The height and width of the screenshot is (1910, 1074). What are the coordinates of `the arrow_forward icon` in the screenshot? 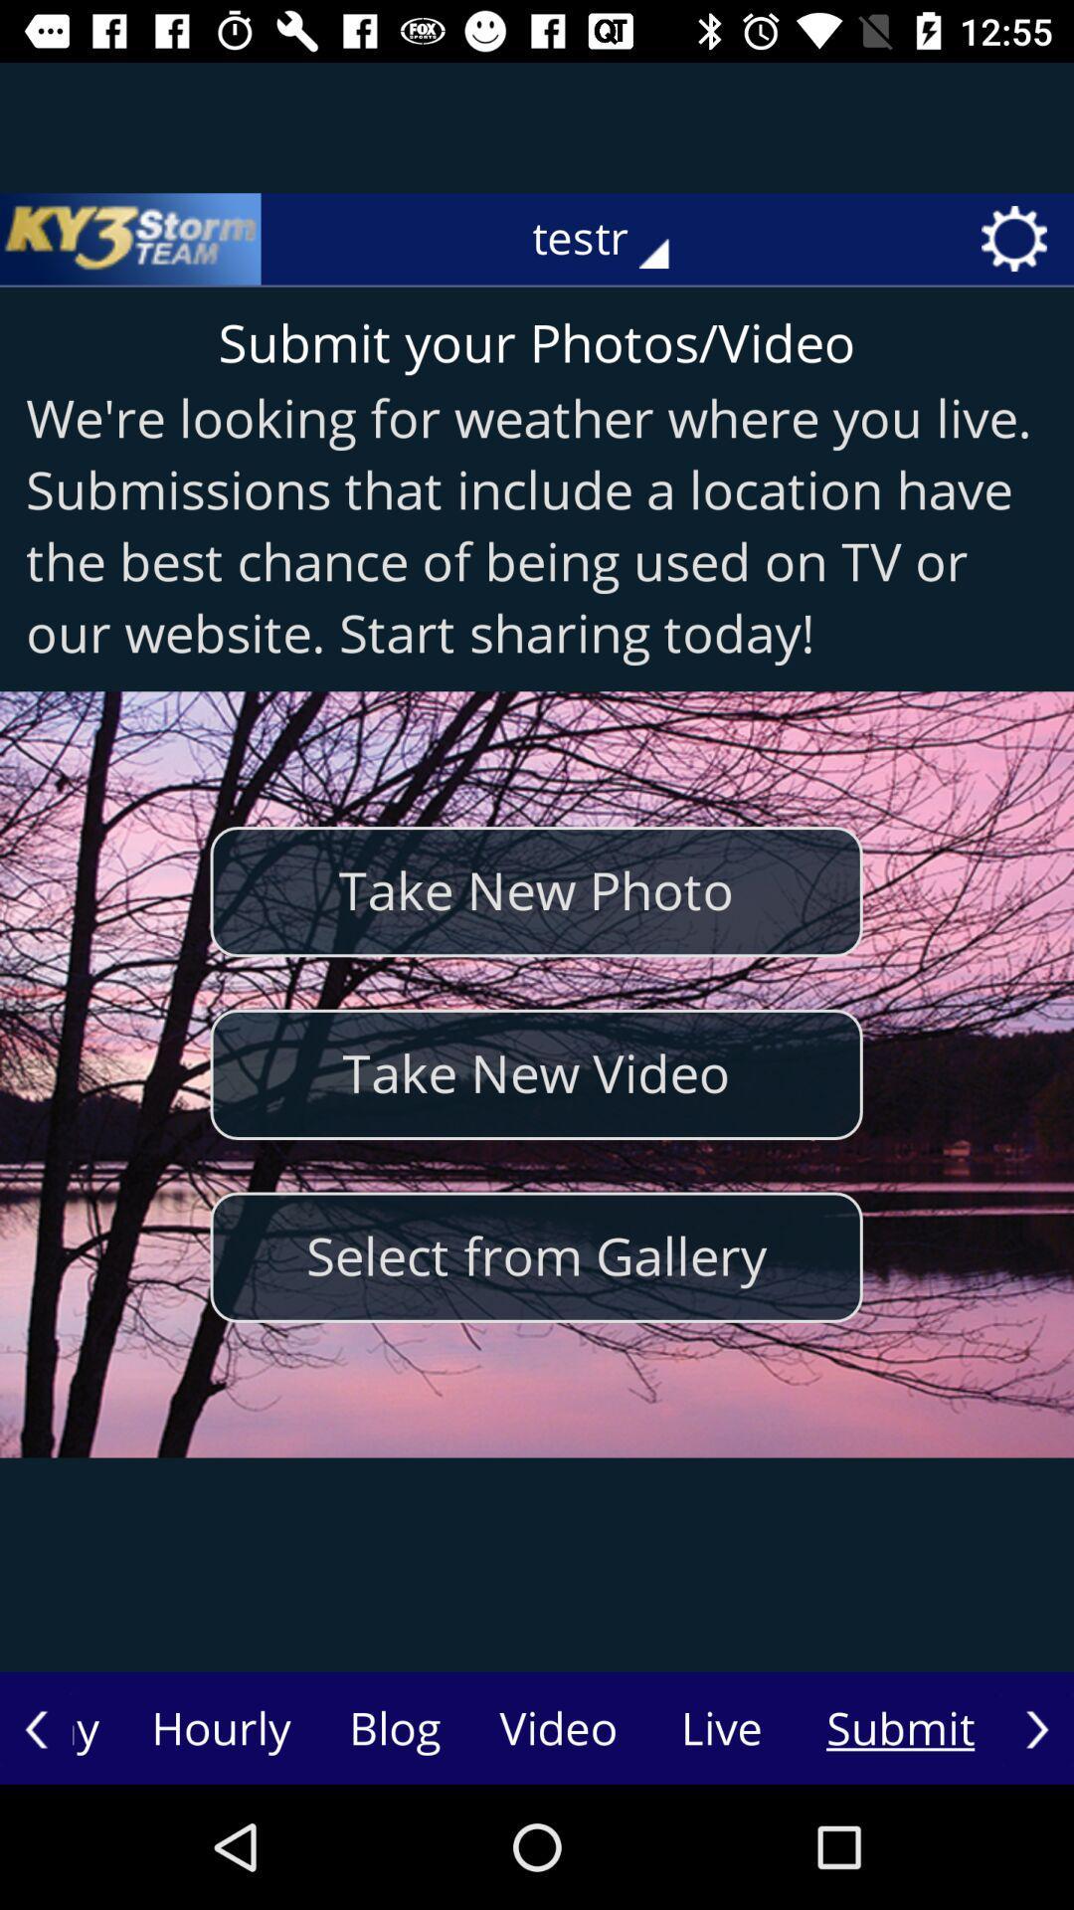 It's located at (1036, 1728).